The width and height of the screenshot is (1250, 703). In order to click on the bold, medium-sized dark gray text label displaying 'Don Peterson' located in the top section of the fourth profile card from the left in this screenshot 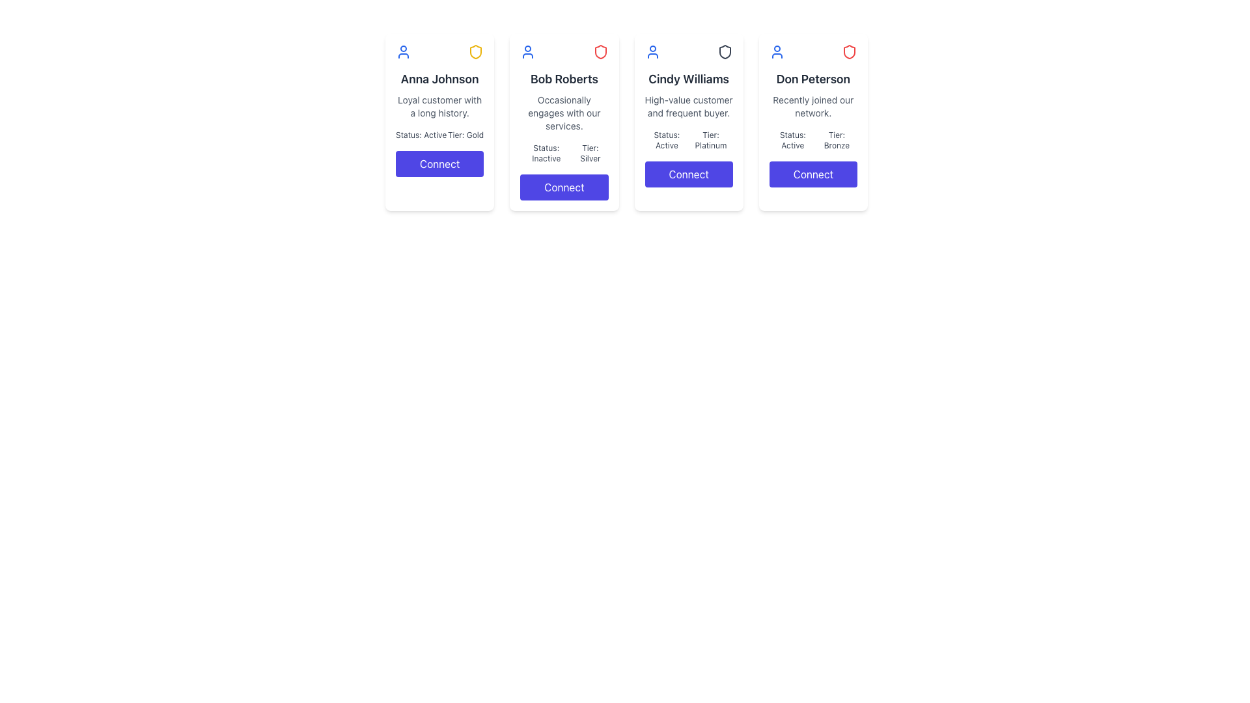, I will do `click(812, 79)`.